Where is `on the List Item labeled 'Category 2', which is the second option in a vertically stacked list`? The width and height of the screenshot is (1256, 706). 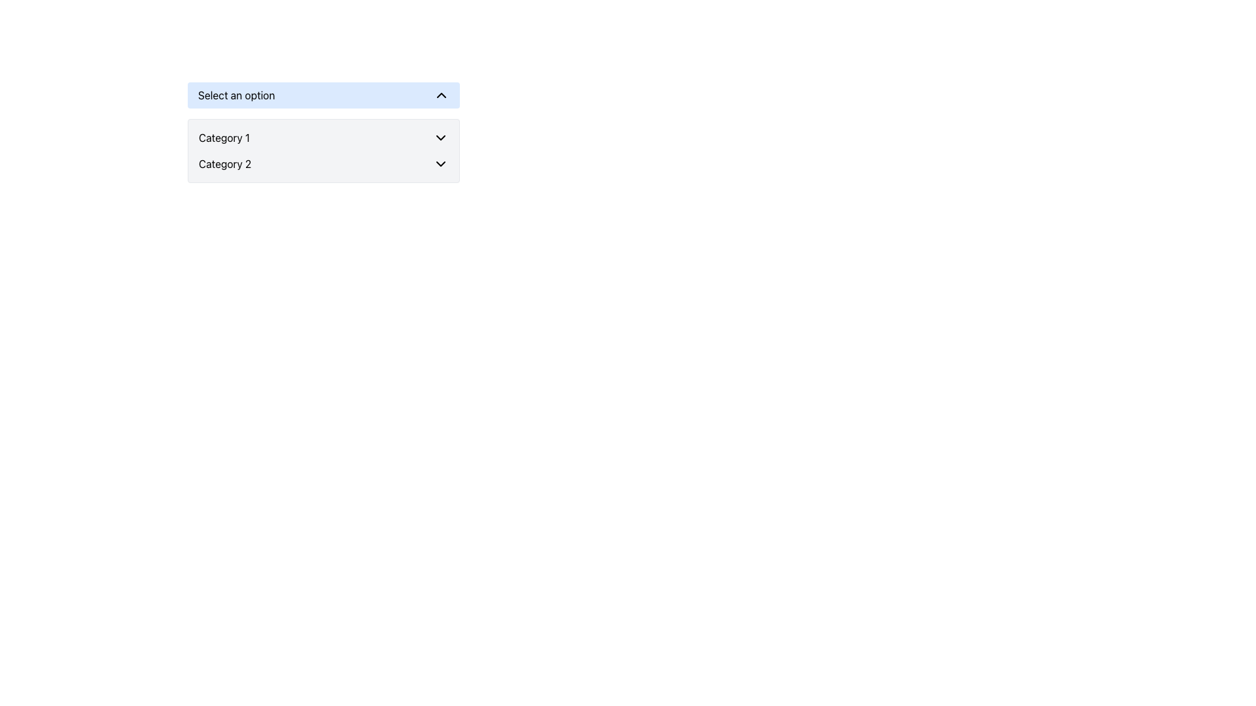 on the List Item labeled 'Category 2', which is the second option in a vertically stacked list is located at coordinates (323, 163).